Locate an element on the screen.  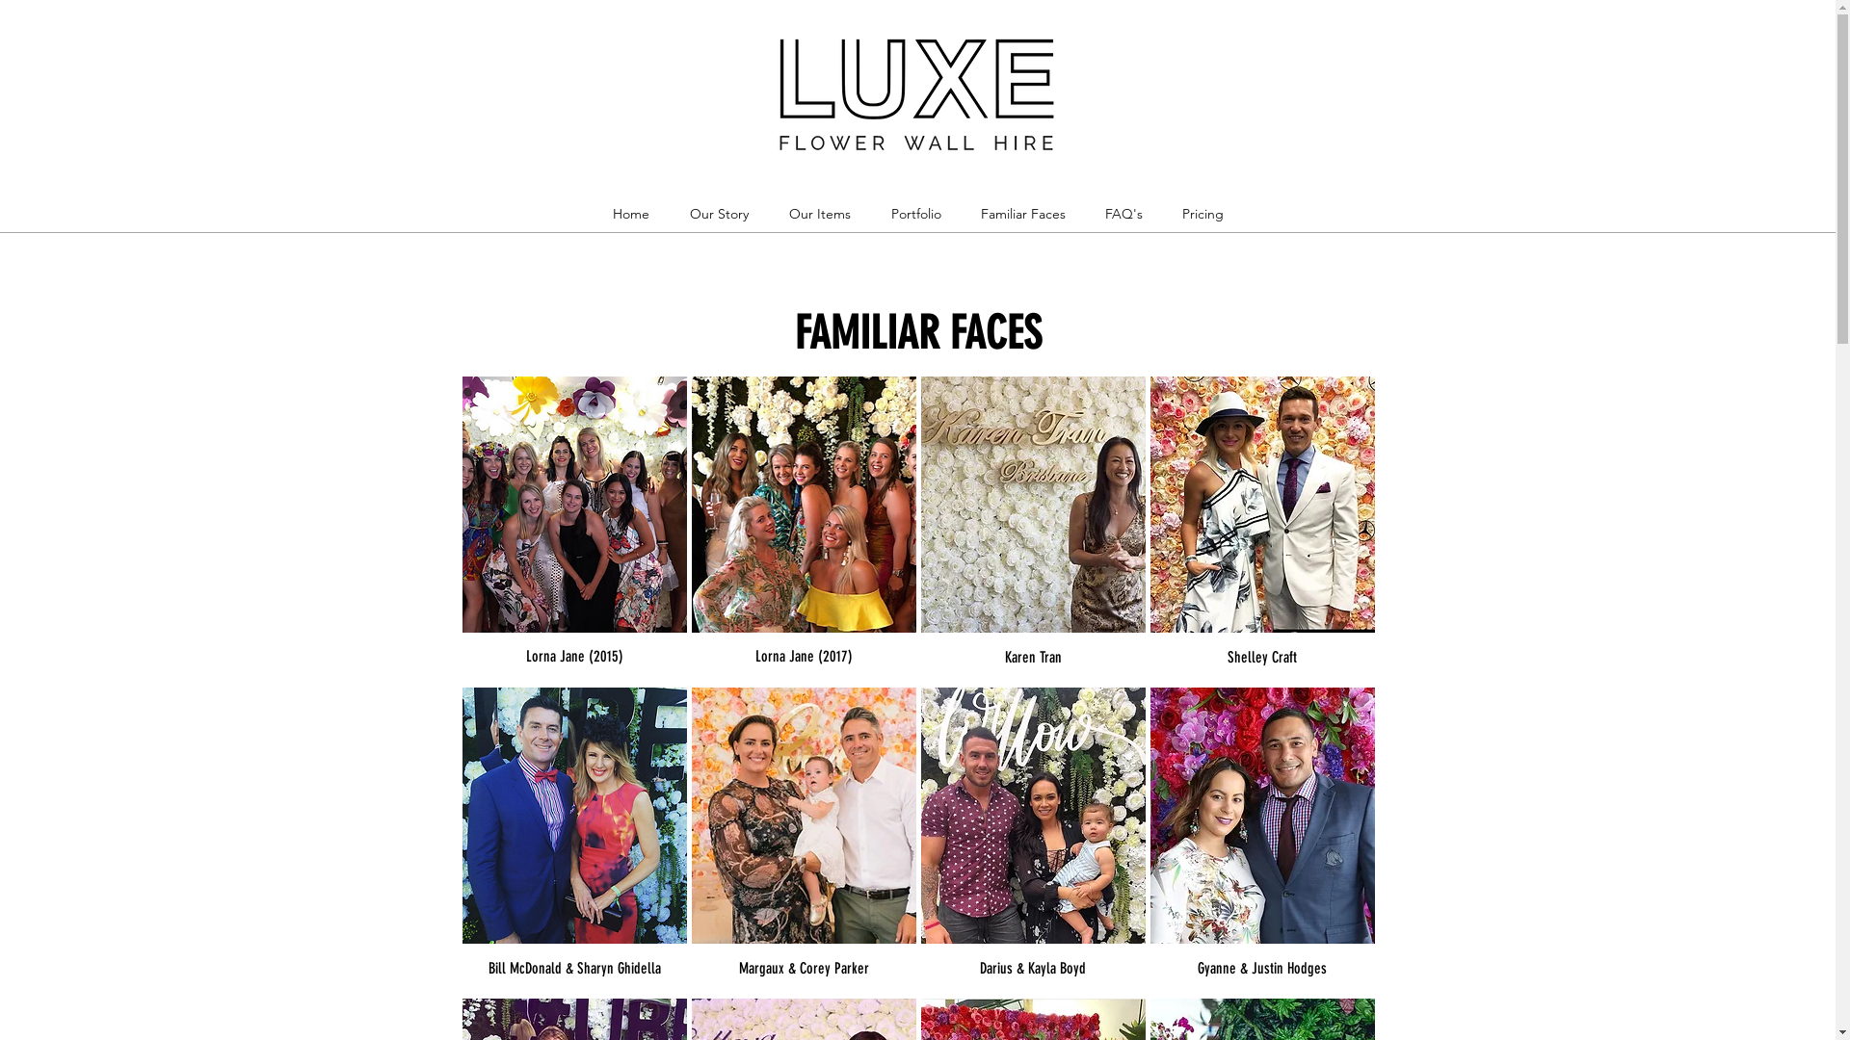
'Our Items' is located at coordinates (819, 214).